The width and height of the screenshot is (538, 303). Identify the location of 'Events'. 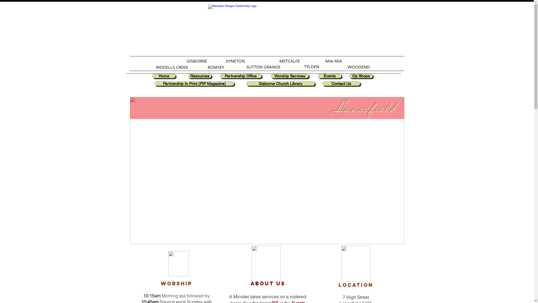
(330, 76).